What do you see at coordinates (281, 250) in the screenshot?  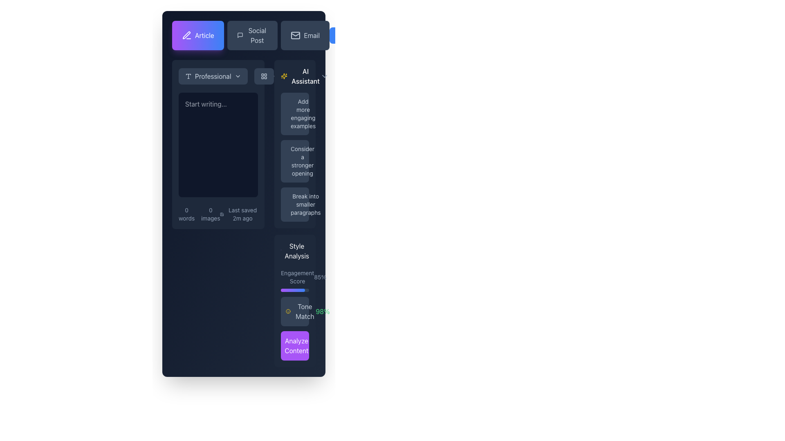 I see `the design of the 'Style Analysis' icon located in the vertical sidebar, positioned to the left of the 'Style Analysis' label` at bounding box center [281, 250].